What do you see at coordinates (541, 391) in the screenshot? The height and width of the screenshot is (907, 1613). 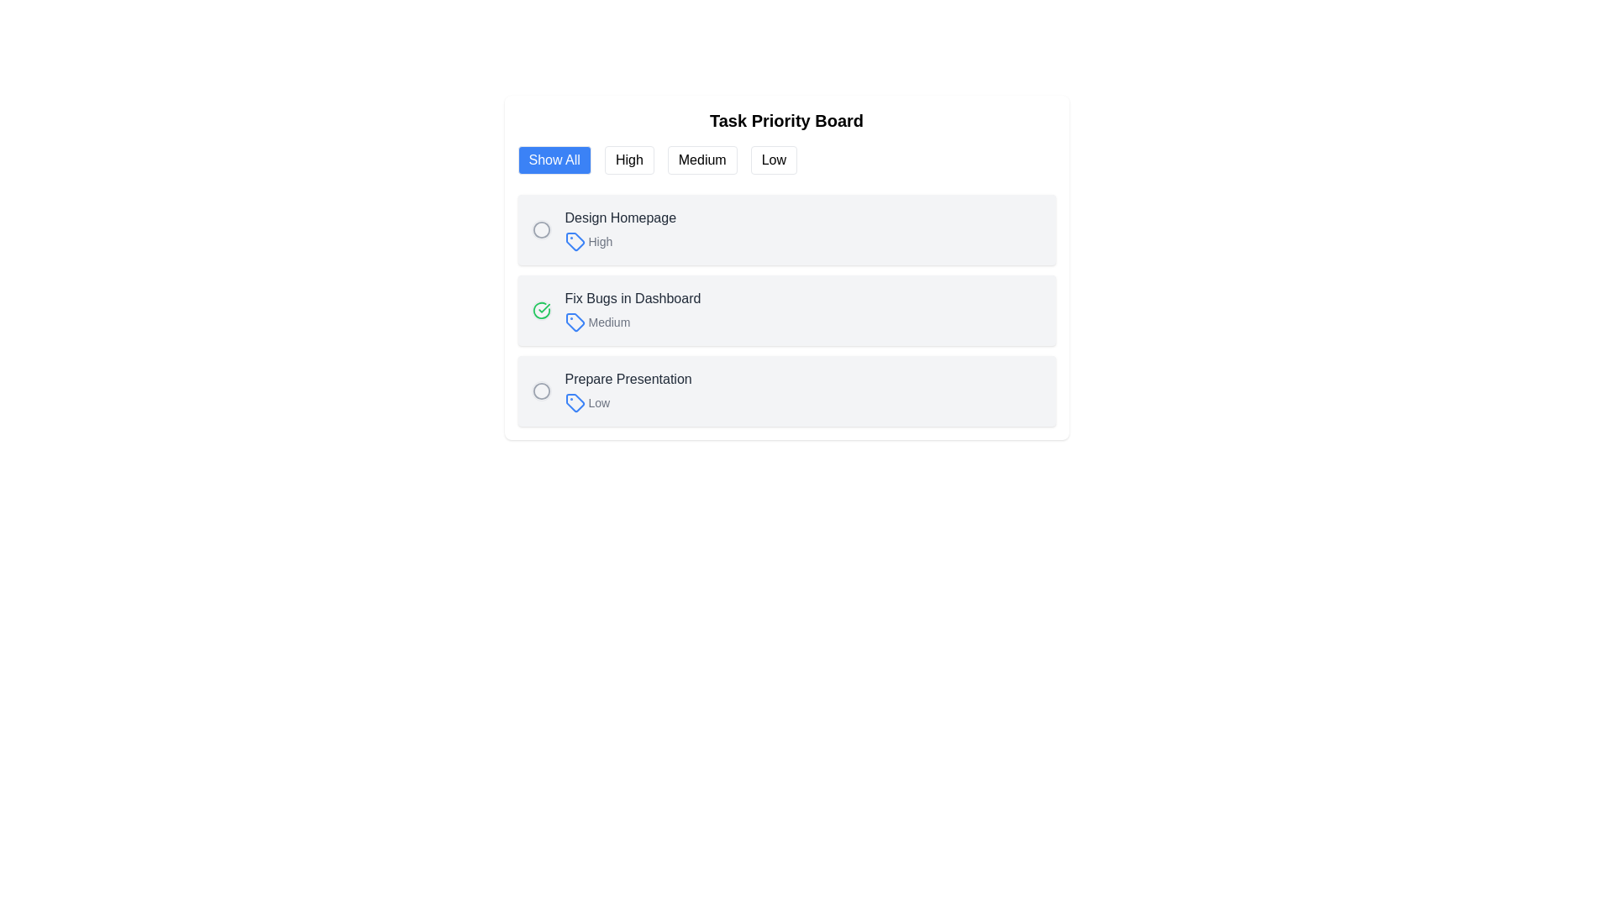 I see `the circular status indicator located in the lowest row of the task list associated with the task labeled 'Prepare Presentation'` at bounding box center [541, 391].